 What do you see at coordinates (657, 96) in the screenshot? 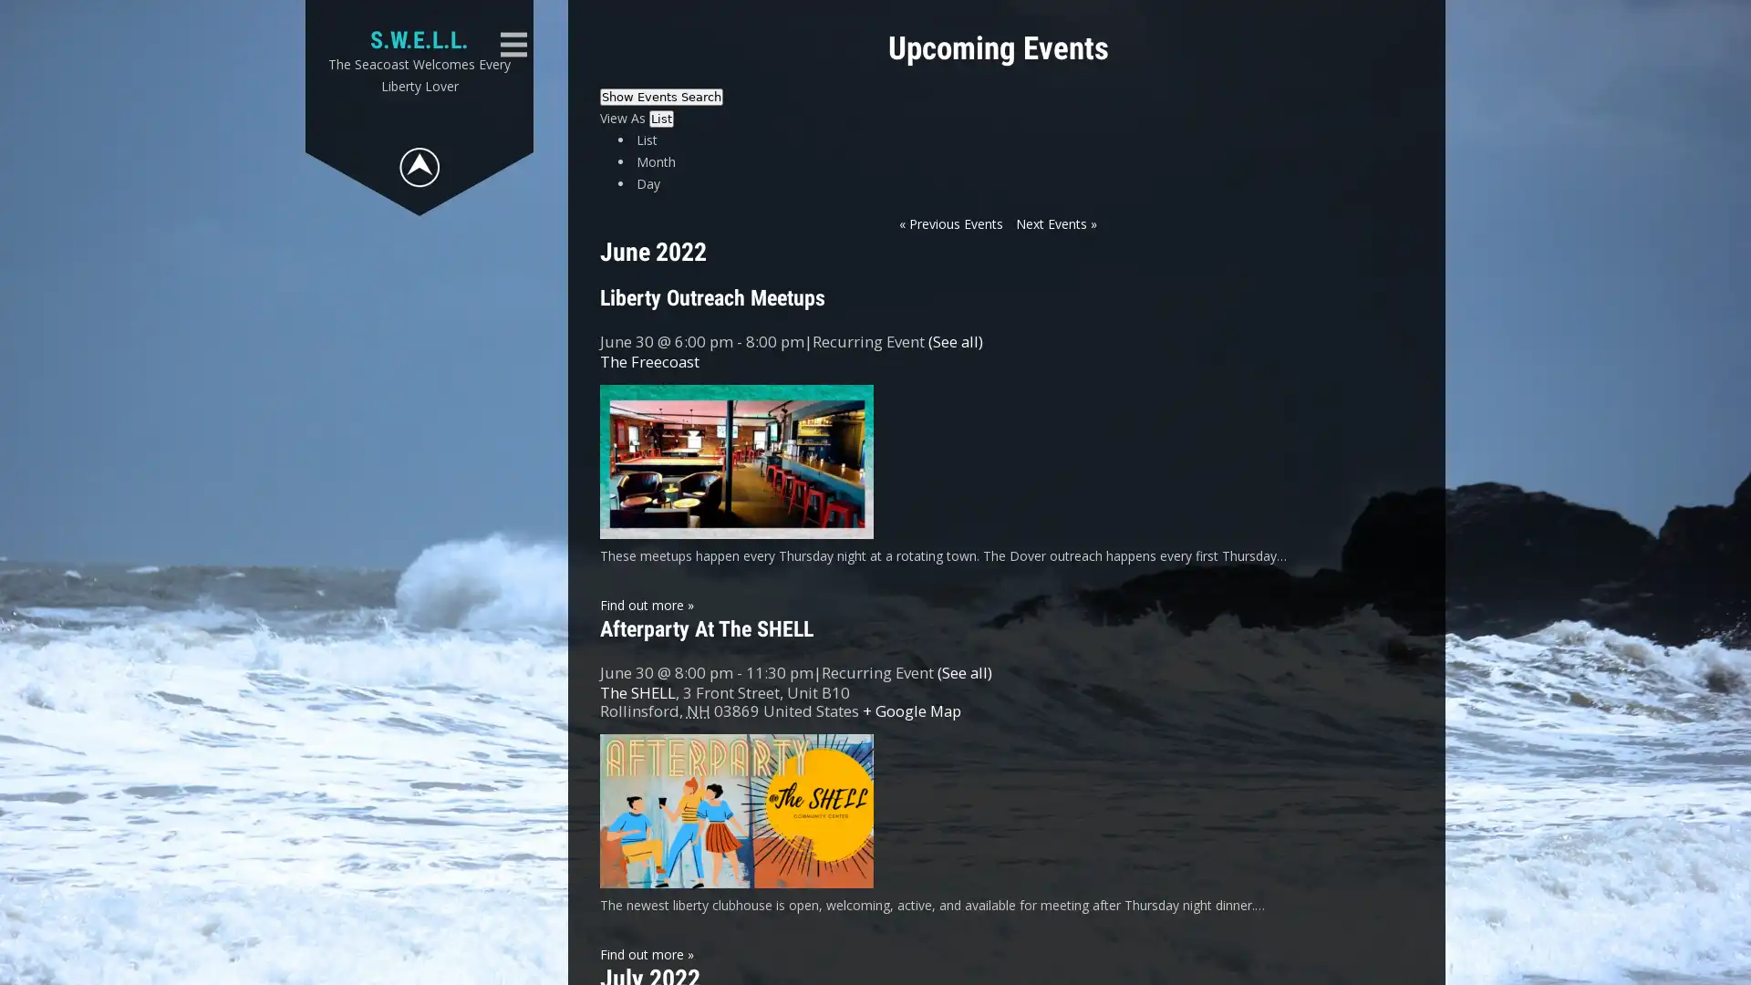
I see `Hide Events Search` at bounding box center [657, 96].